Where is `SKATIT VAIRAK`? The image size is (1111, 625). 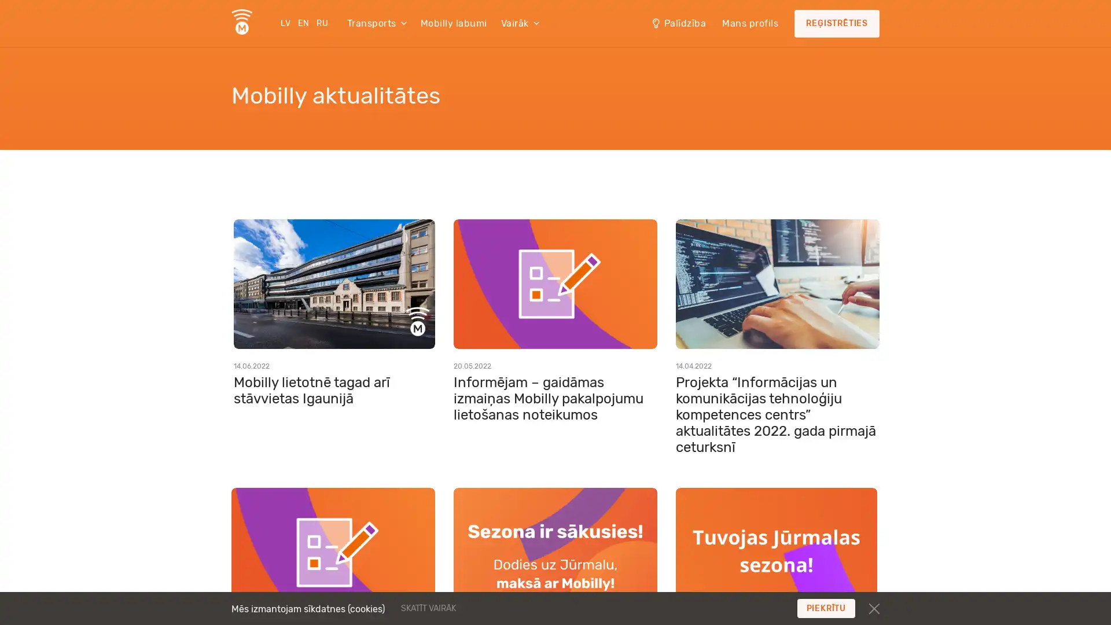 SKATIT VAIRAK is located at coordinates (499, 607).